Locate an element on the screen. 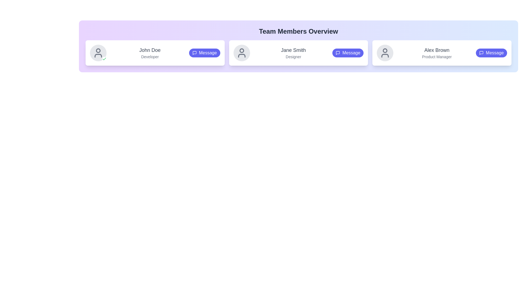  the Circle SVG element that visually represents Jane Smith's profile in the team members section is located at coordinates (242, 50).